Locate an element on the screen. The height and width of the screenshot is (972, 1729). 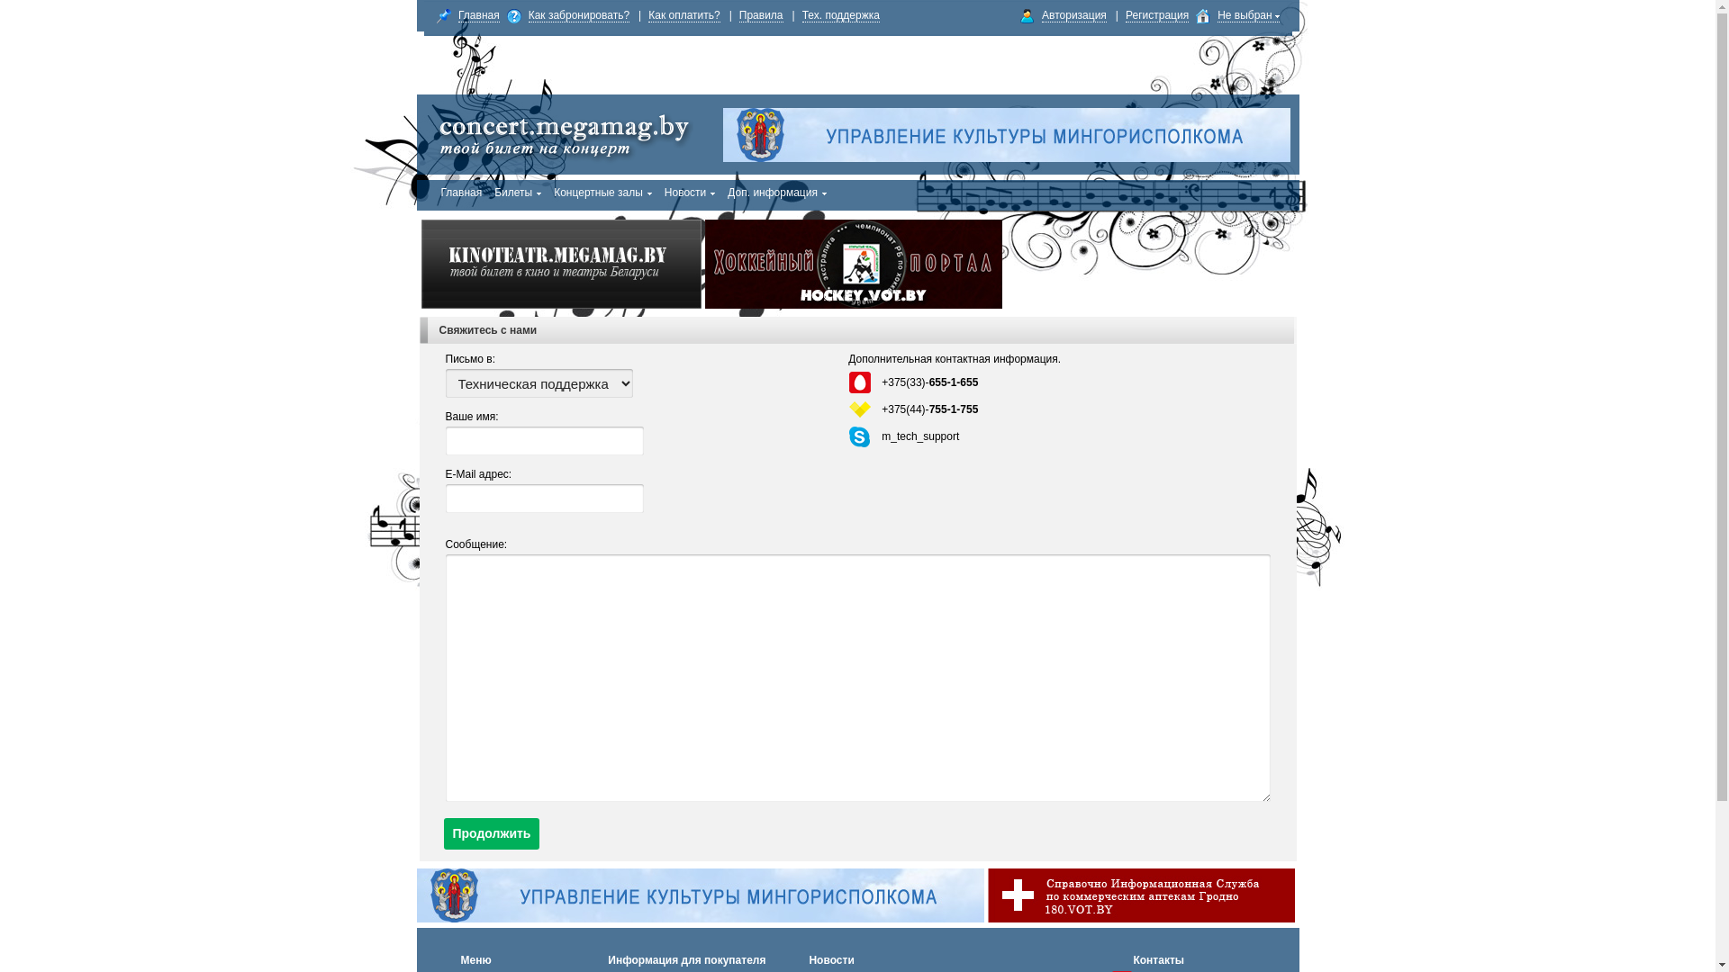
' kinoteatr.megamag.by ' is located at coordinates (560, 264).